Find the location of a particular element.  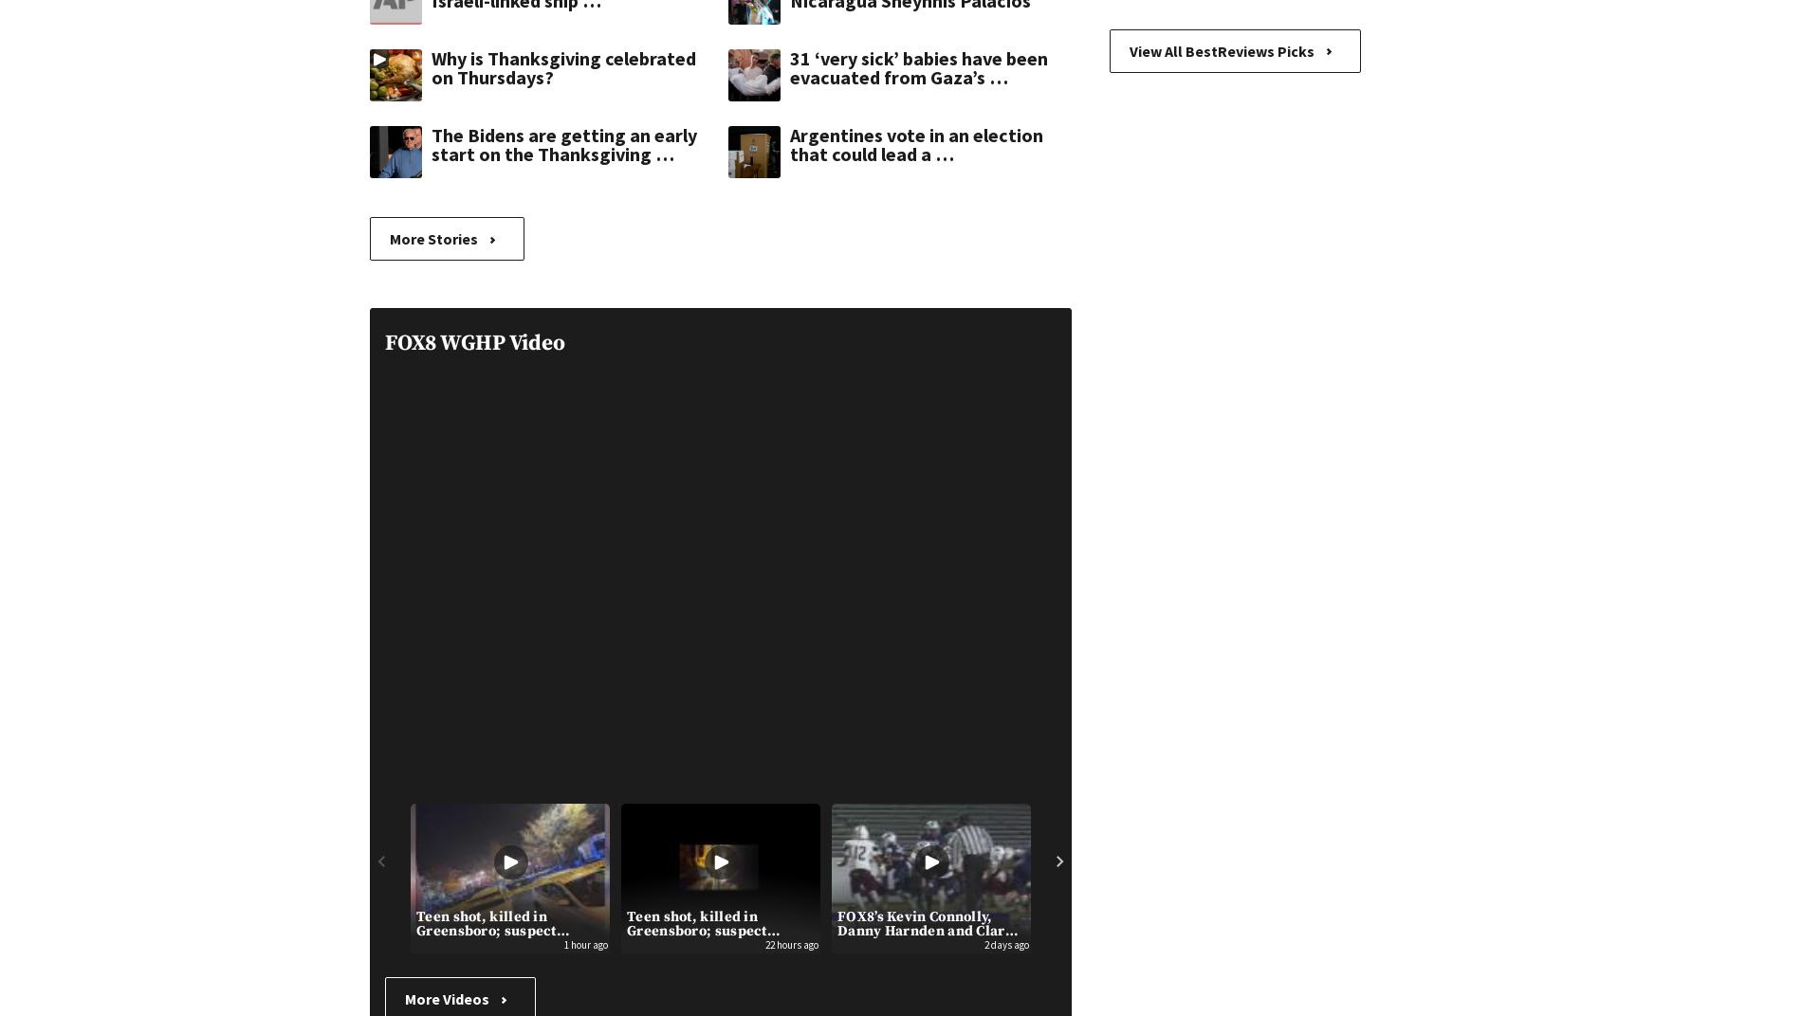

'Argentines vote in an election that could lead a …' is located at coordinates (916, 143).